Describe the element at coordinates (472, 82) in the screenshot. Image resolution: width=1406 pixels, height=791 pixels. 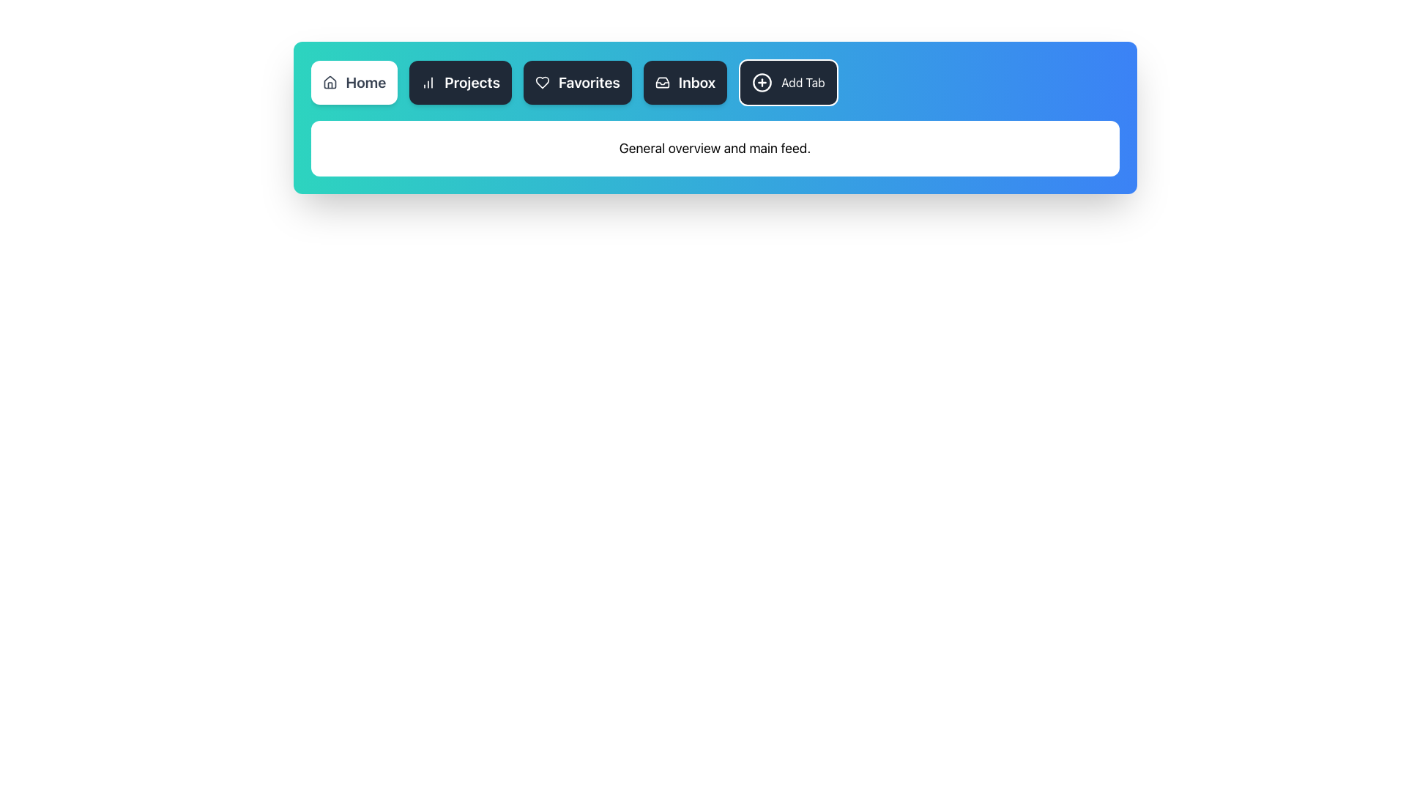
I see `the 'Projects' text label located in the navigation bar, which is the main label inside the second button from the left` at that location.